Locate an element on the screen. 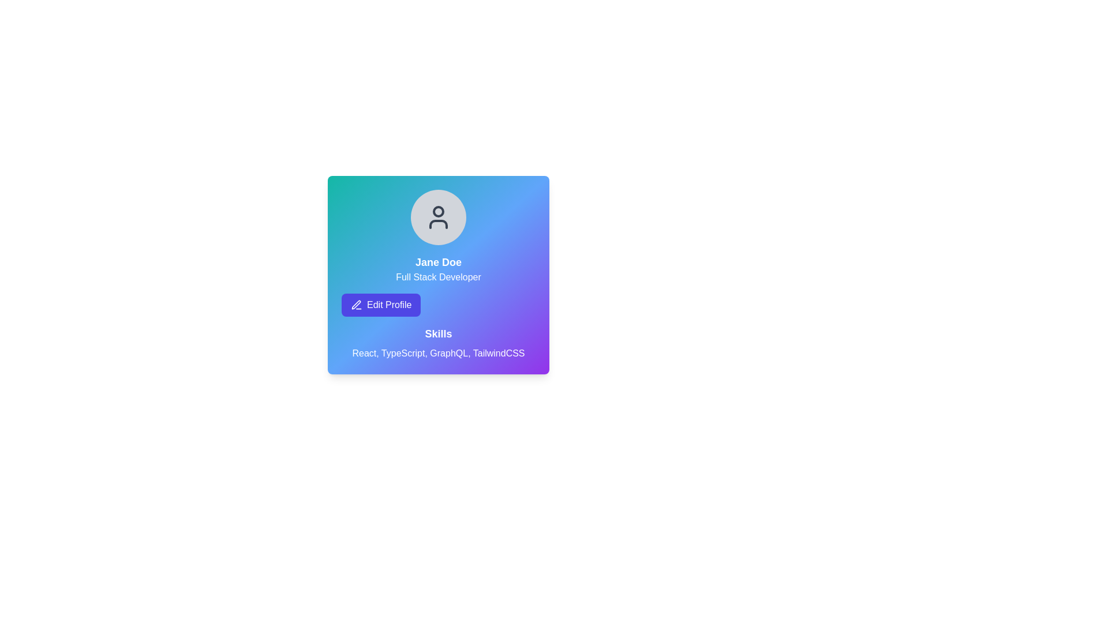  the 'Edit Profile' button which features a minimalist pen icon on its left side is located at coordinates (356, 304).